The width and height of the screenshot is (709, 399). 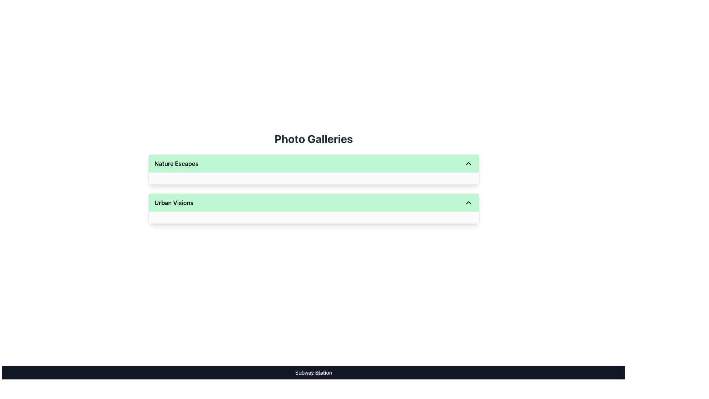 What do you see at coordinates (174, 202) in the screenshot?
I see `the text label that represents a clickable menu or item within the gallery options below 'Photo Galleries'` at bounding box center [174, 202].